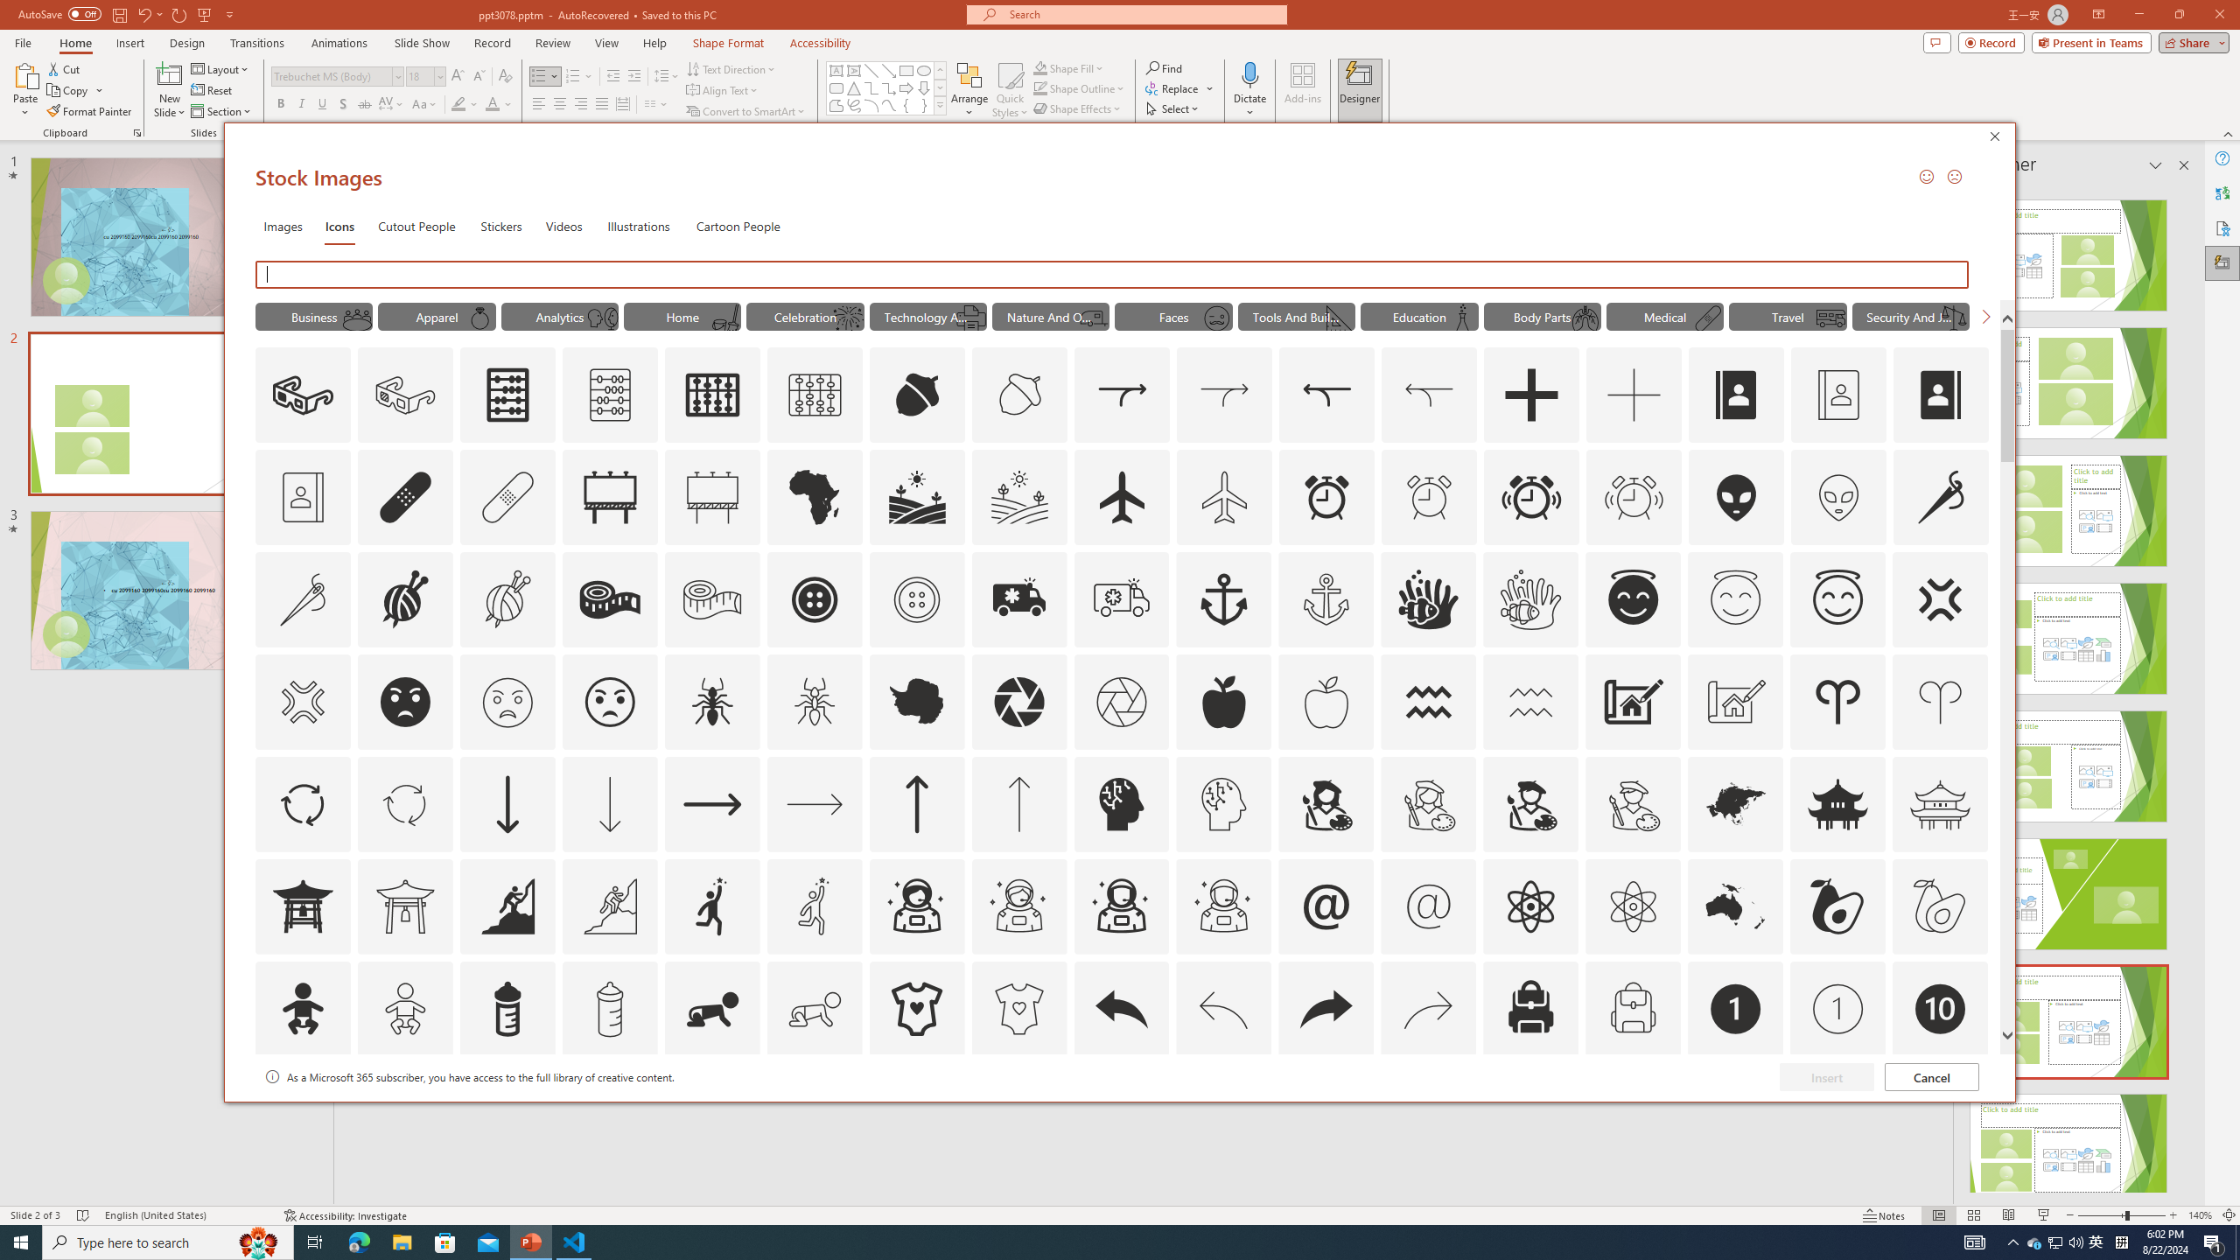  I want to click on 'AutomationID: Icons_Baby', so click(302, 1008).